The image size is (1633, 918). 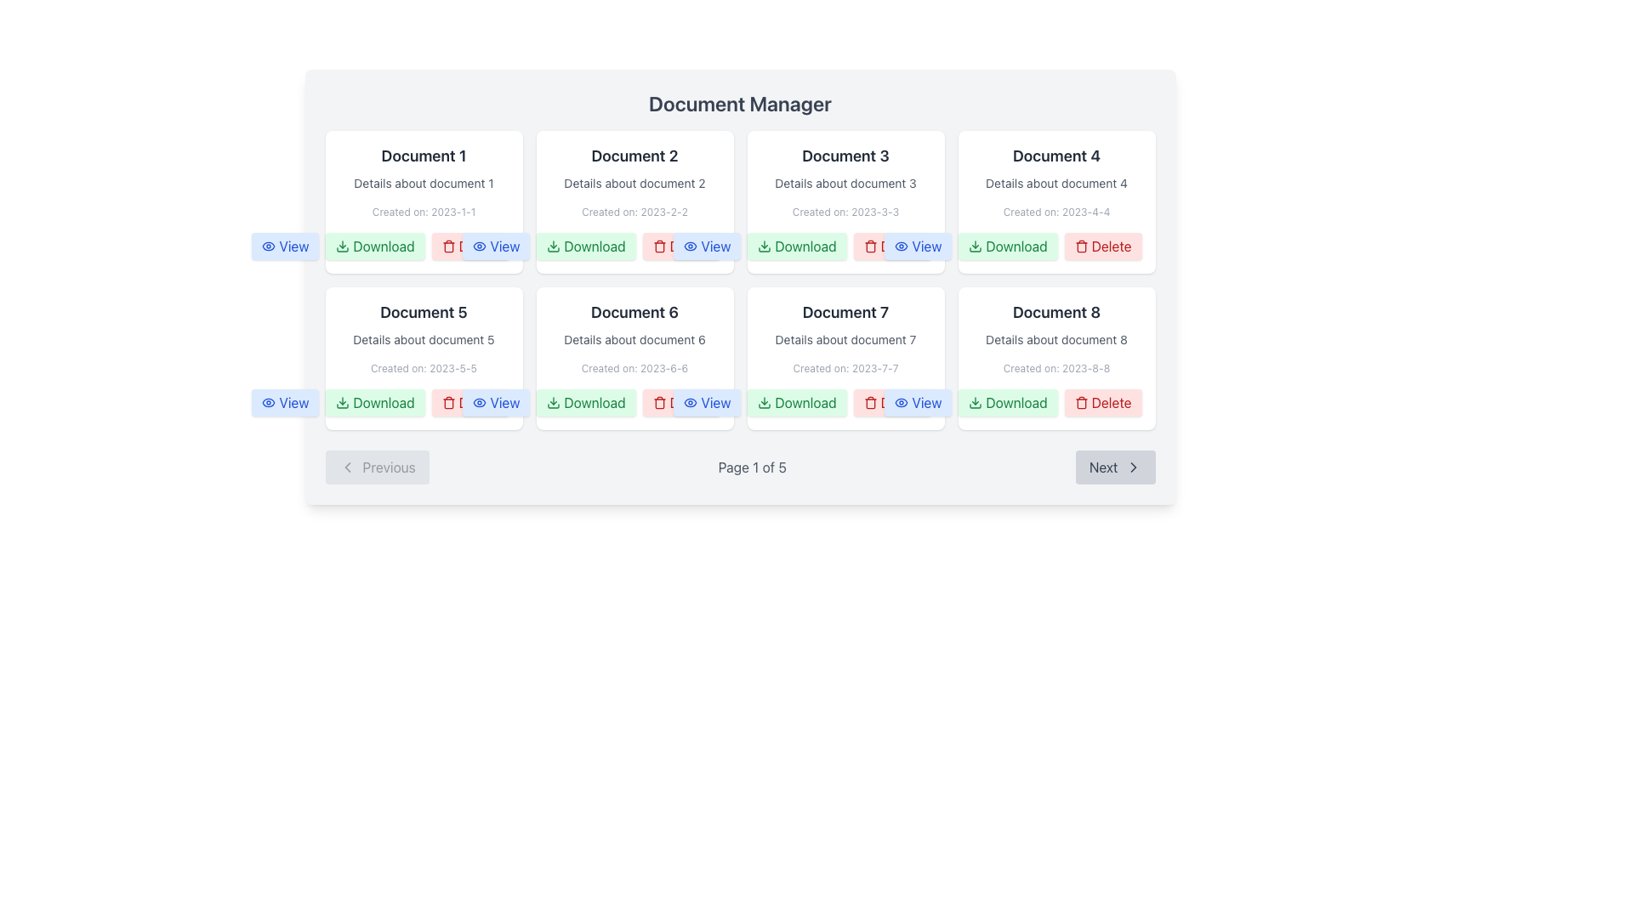 What do you see at coordinates (346, 467) in the screenshot?
I see `the navigation icon located in the bottom-left corner of the interface` at bounding box center [346, 467].